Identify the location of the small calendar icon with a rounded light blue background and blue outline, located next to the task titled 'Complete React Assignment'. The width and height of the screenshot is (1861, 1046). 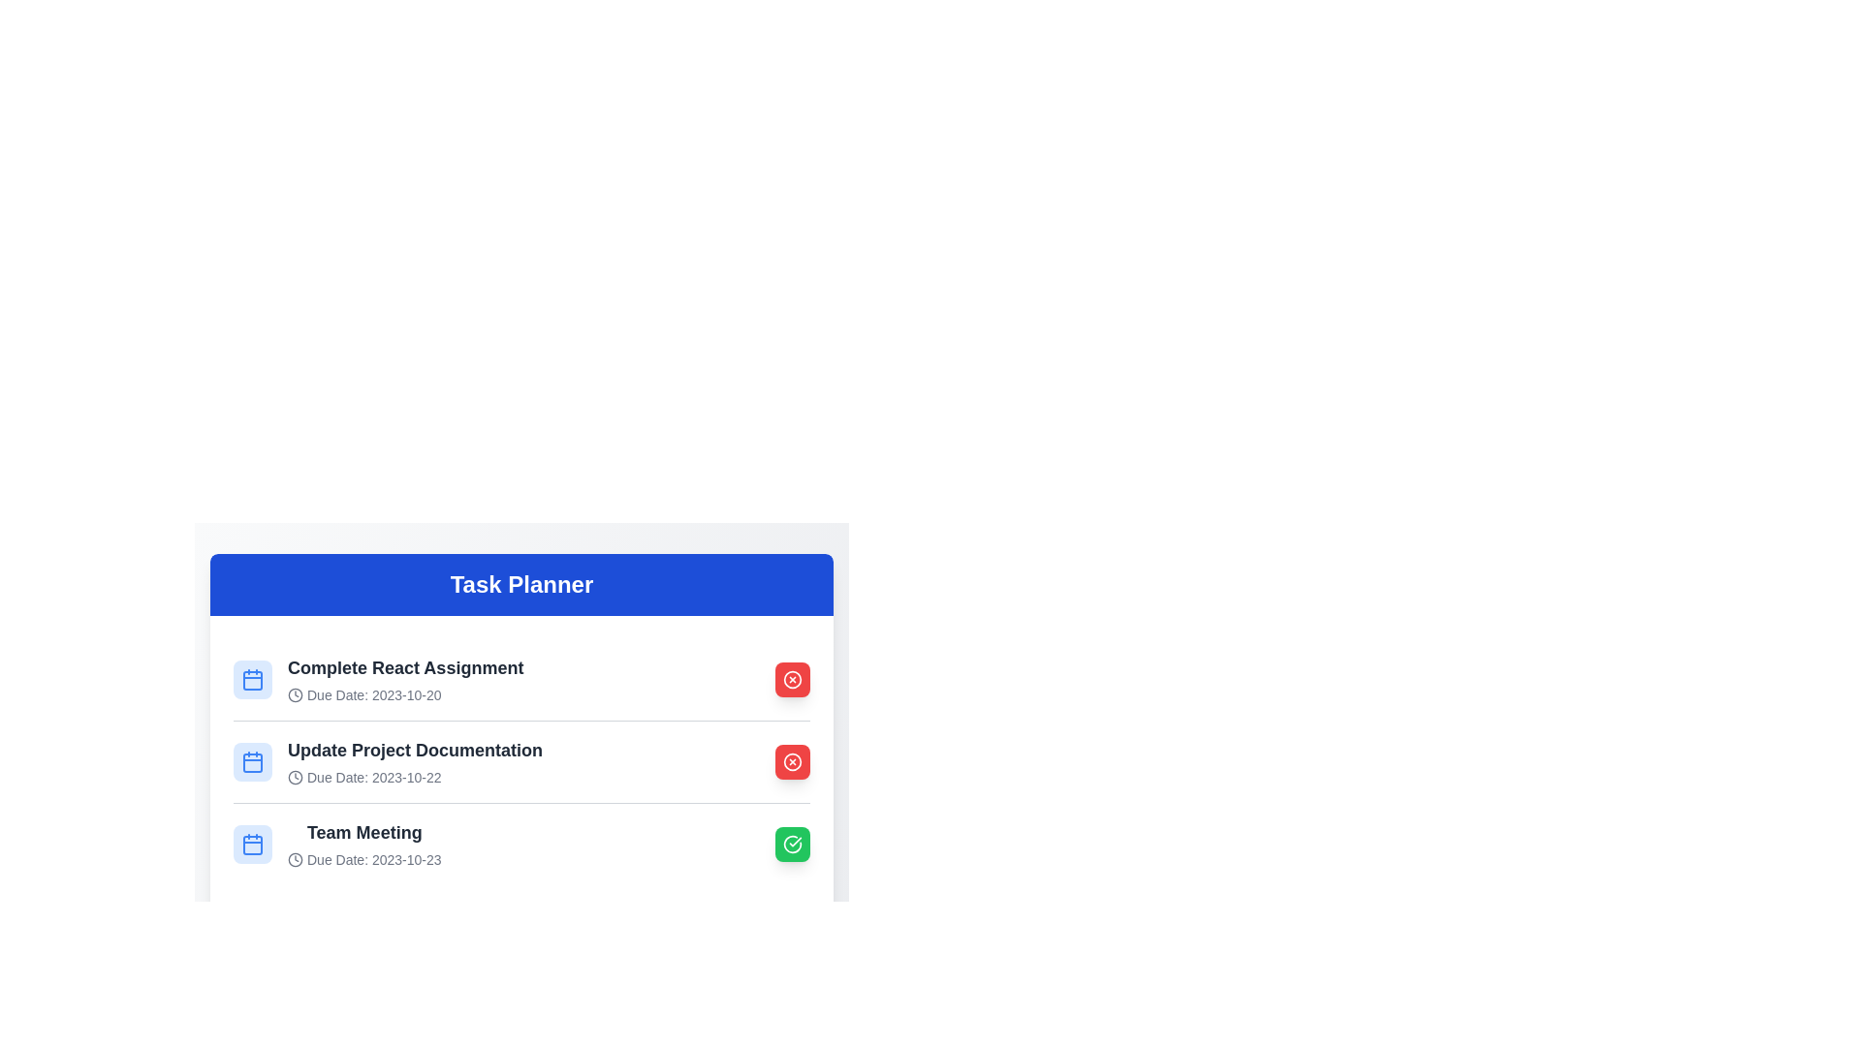
(251, 679).